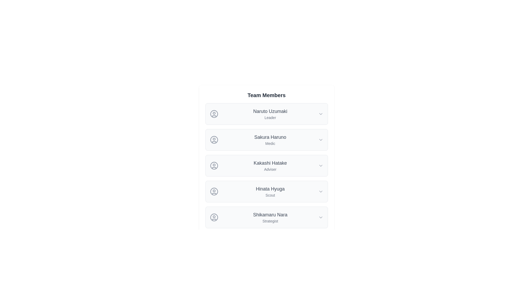 Image resolution: width=507 pixels, height=285 pixels. Describe the element at coordinates (320, 191) in the screenshot. I see `the downward-pointing gray chevron icon within the fourth entry labeled 'Hinata Hyuga Scout'` at that location.